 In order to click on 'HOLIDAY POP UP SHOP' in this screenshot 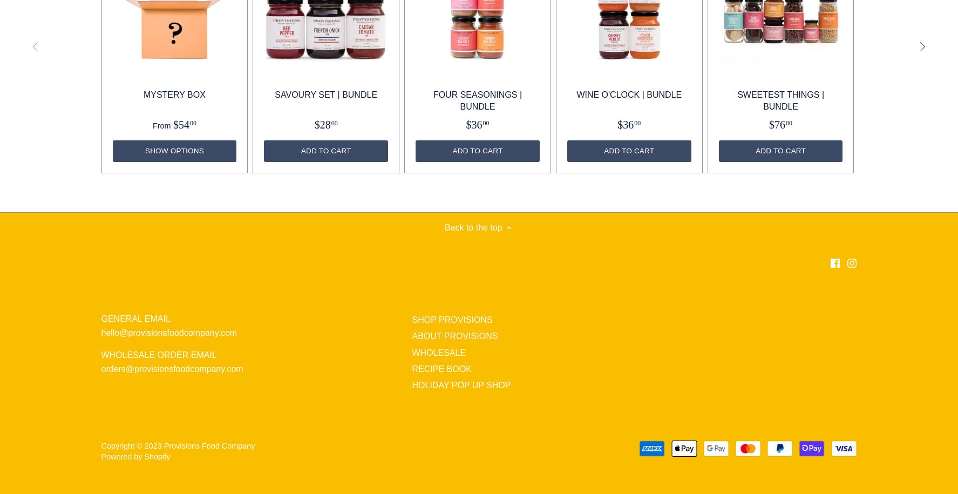, I will do `click(412, 385)`.